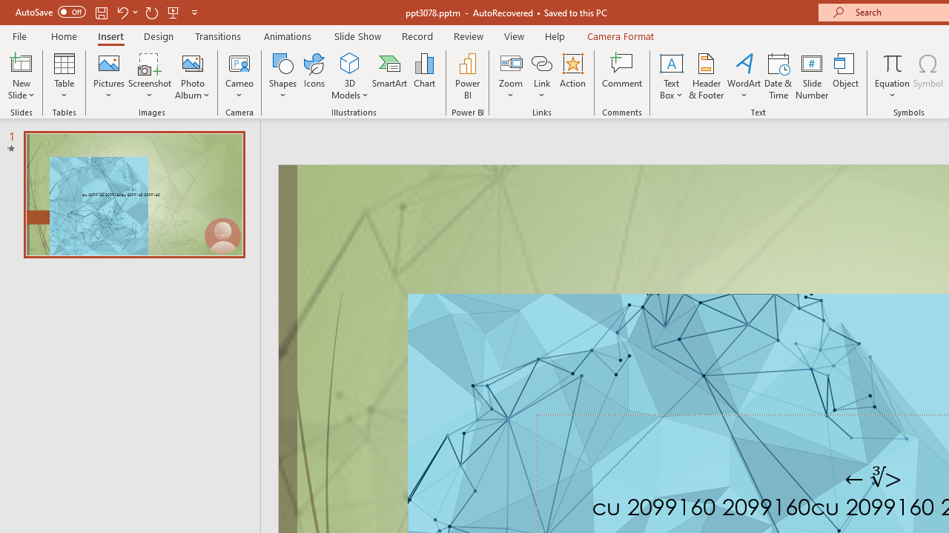 Image resolution: width=949 pixels, height=533 pixels. I want to click on '3D Models', so click(349, 62).